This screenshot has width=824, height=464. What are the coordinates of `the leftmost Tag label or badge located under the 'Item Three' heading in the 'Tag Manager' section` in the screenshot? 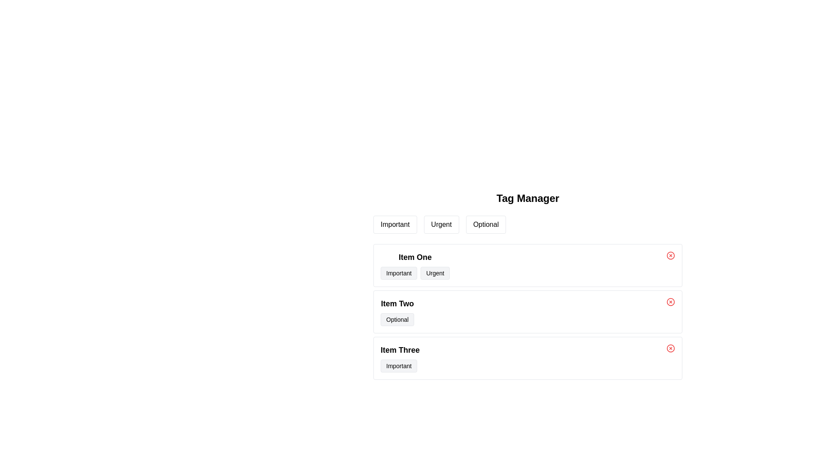 It's located at (399, 366).